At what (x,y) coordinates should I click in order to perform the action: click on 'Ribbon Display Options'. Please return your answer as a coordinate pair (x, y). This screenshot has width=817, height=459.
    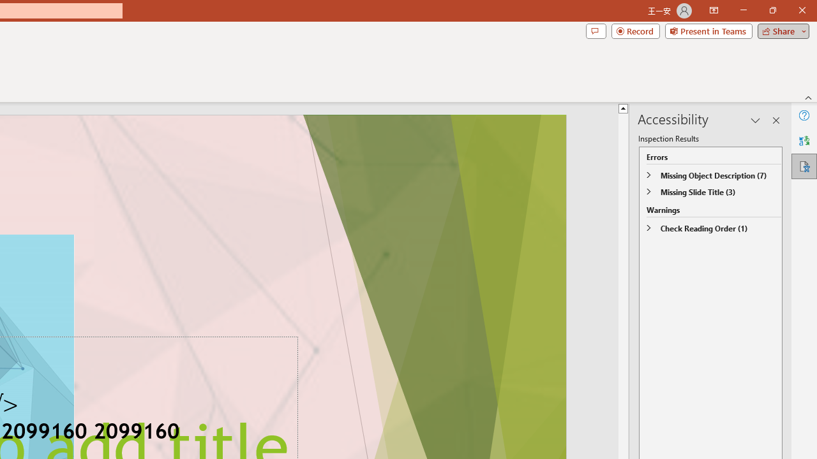
    Looking at the image, I should click on (713, 10).